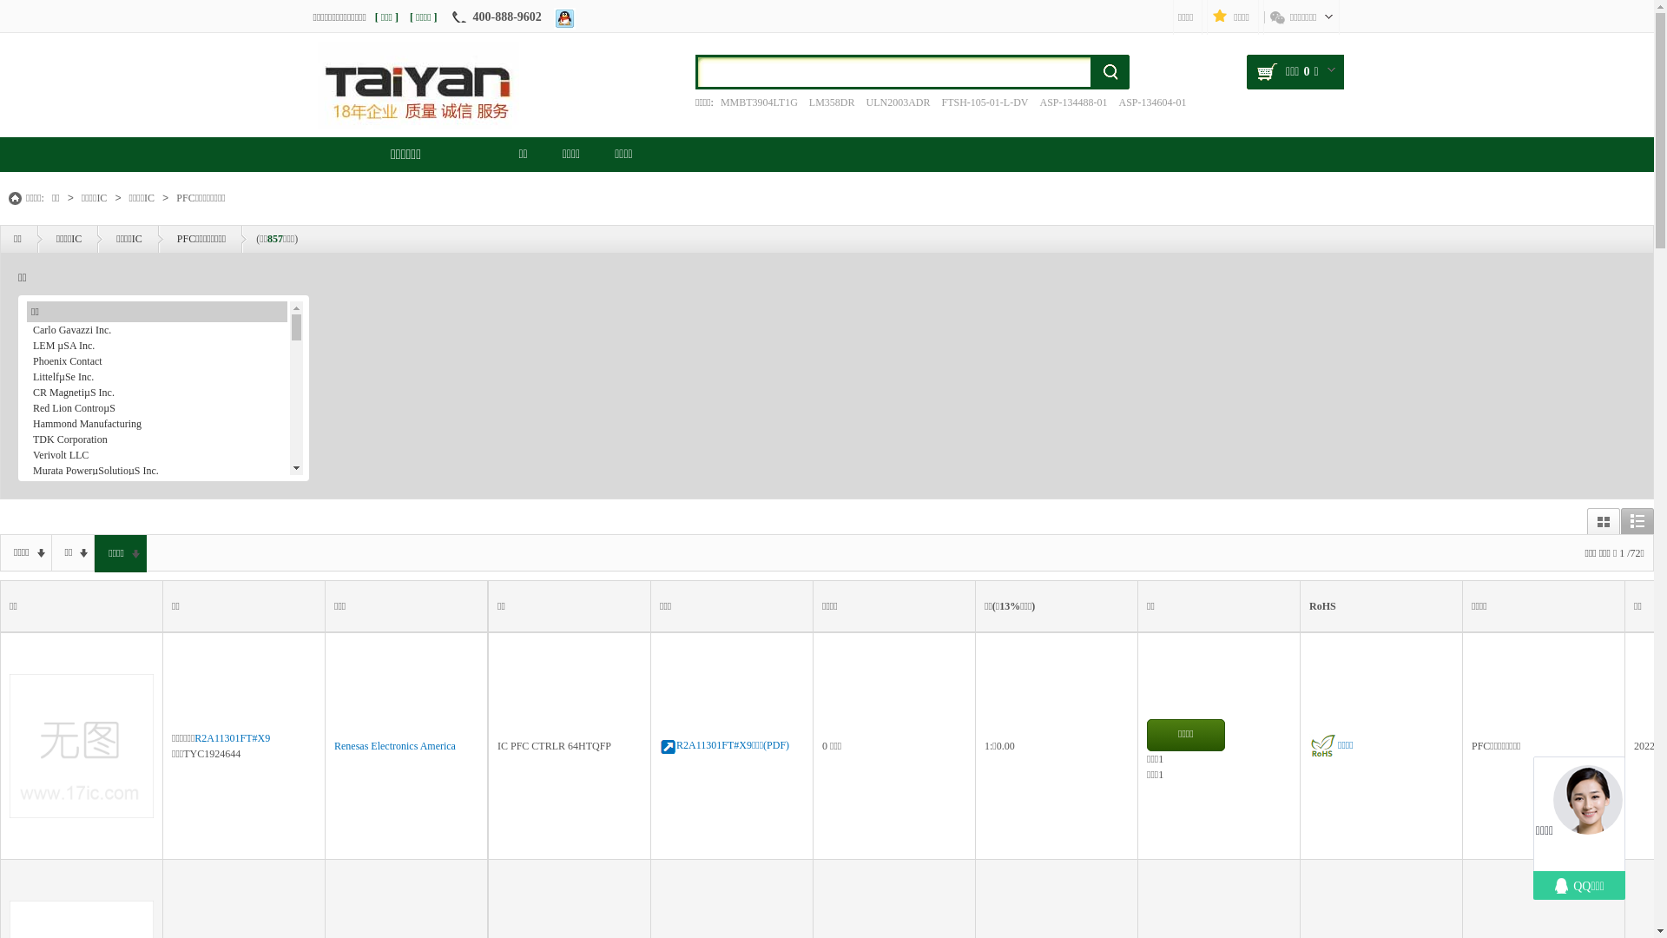 The height and width of the screenshot is (938, 1667). Describe the element at coordinates (157, 424) in the screenshot. I see `'Hammond Manufacturing'` at that location.